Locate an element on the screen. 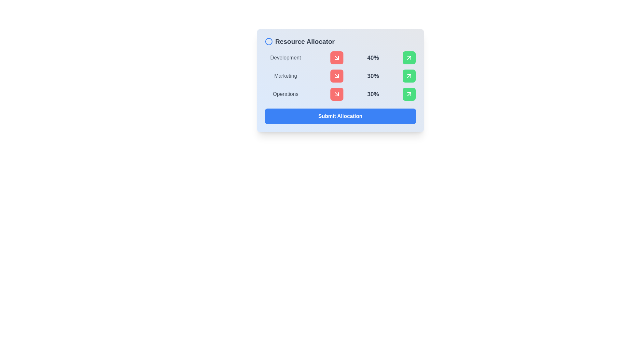 Image resolution: width=625 pixels, height=351 pixels. the red square button with a downward arrow icon located between the text elements 'Development' and '40%' is located at coordinates (340, 57).